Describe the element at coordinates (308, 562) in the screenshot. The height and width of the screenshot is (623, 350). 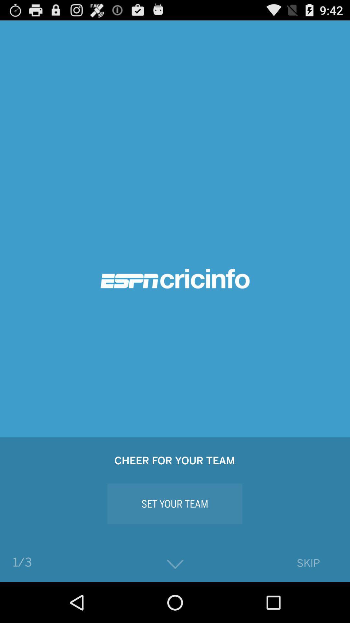
I see `the skip` at that location.